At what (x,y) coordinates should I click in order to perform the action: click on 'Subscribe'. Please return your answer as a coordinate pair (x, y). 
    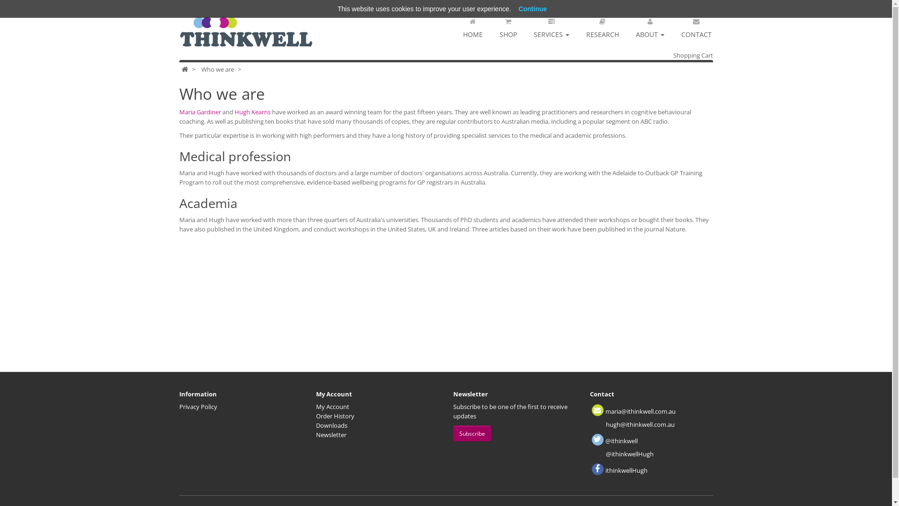
    Looking at the image, I should click on (472, 433).